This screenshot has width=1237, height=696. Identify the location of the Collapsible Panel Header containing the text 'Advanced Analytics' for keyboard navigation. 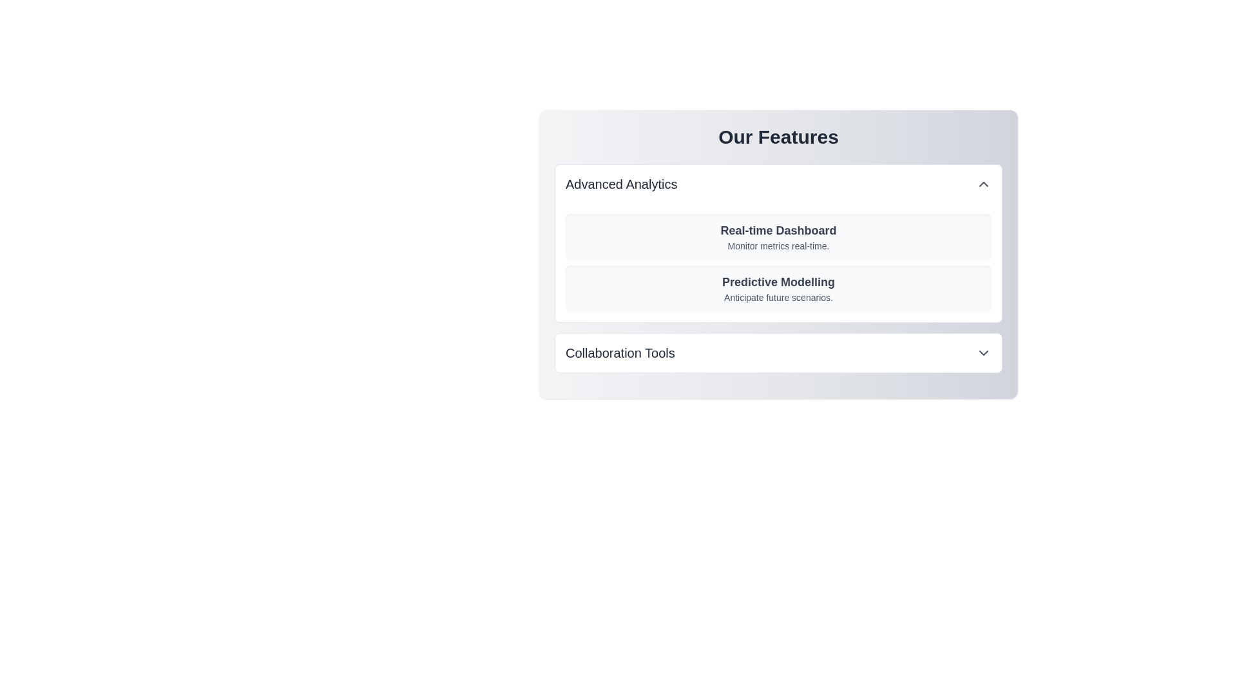
(778, 184).